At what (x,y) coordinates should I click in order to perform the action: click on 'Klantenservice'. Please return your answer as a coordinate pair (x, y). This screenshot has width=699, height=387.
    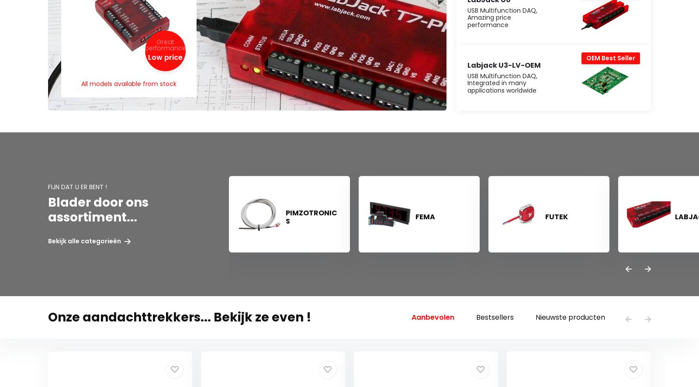
    Looking at the image, I should click on (76, 150).